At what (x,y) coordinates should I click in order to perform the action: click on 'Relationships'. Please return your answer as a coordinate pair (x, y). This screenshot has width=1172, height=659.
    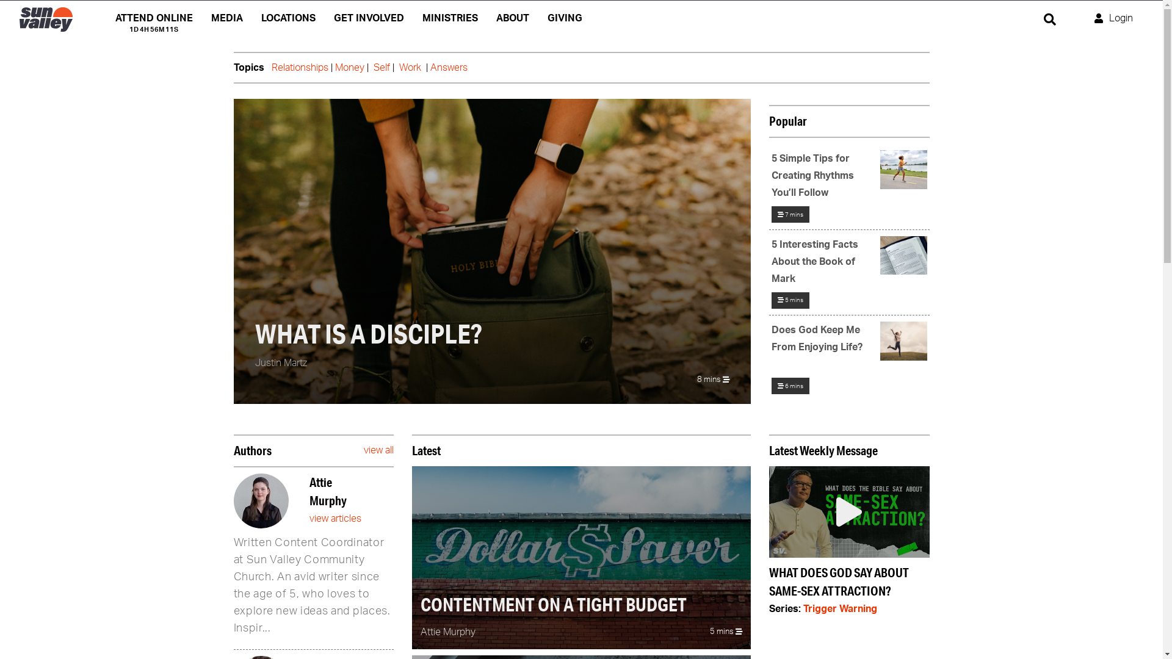
    Looking at the image, I should click on (299, 68).